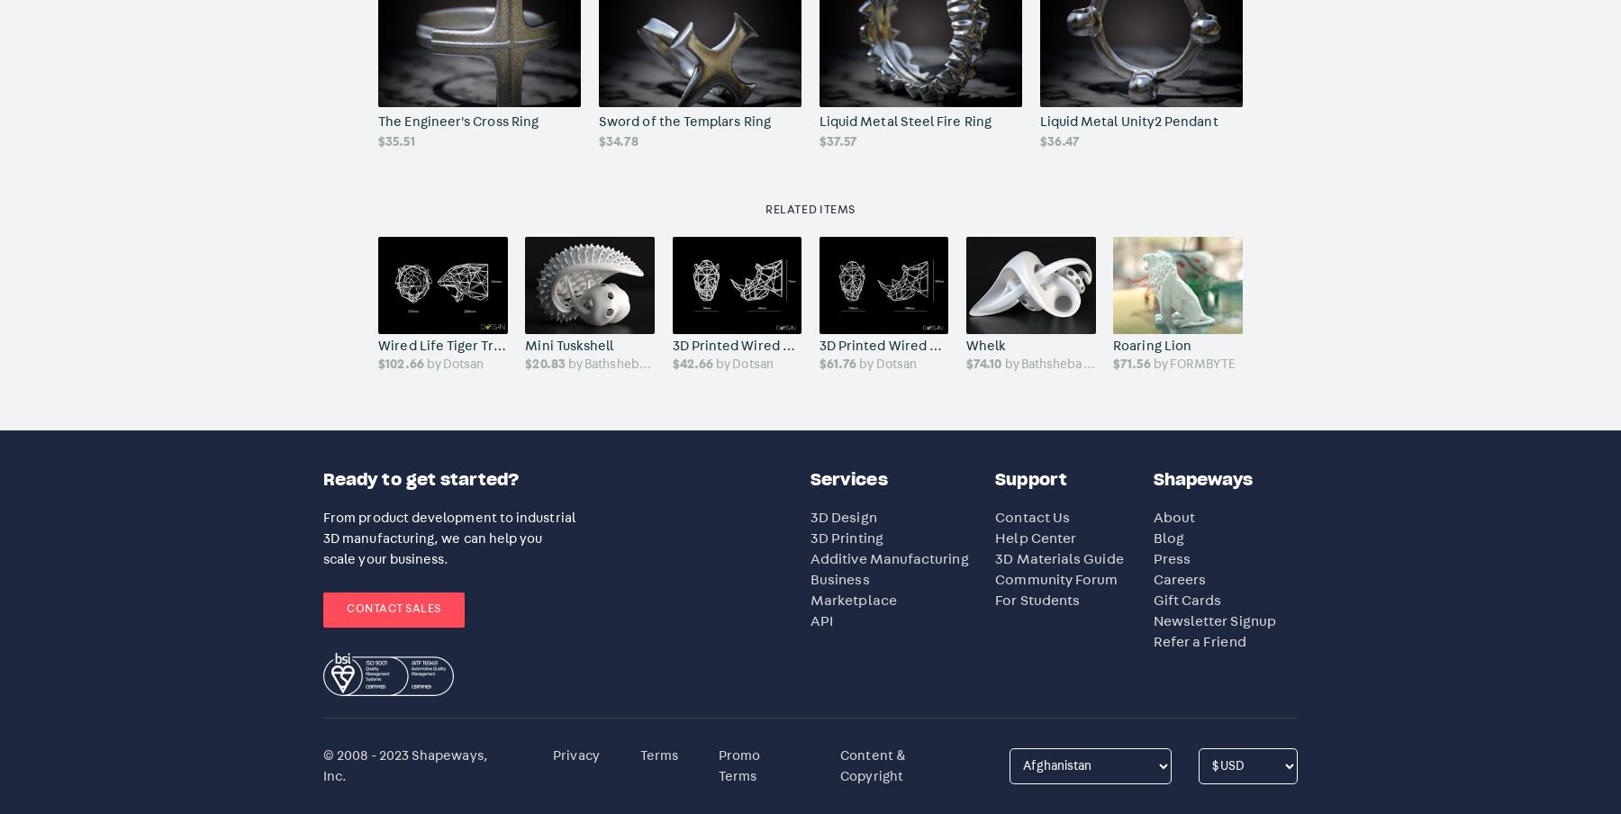 The image size is (1621, 814). Describe the element at coordinates (322, 765) in the screenshot. I see `'© 2008 - 2023 Shapeways, Inc.'` at that location.